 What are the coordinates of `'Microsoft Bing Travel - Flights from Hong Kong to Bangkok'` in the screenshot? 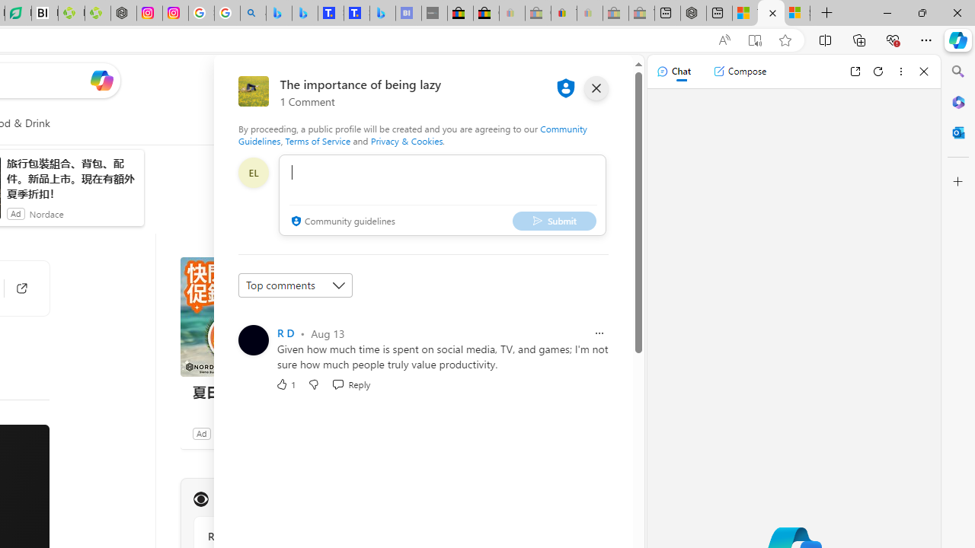 It's located at (279, 13).